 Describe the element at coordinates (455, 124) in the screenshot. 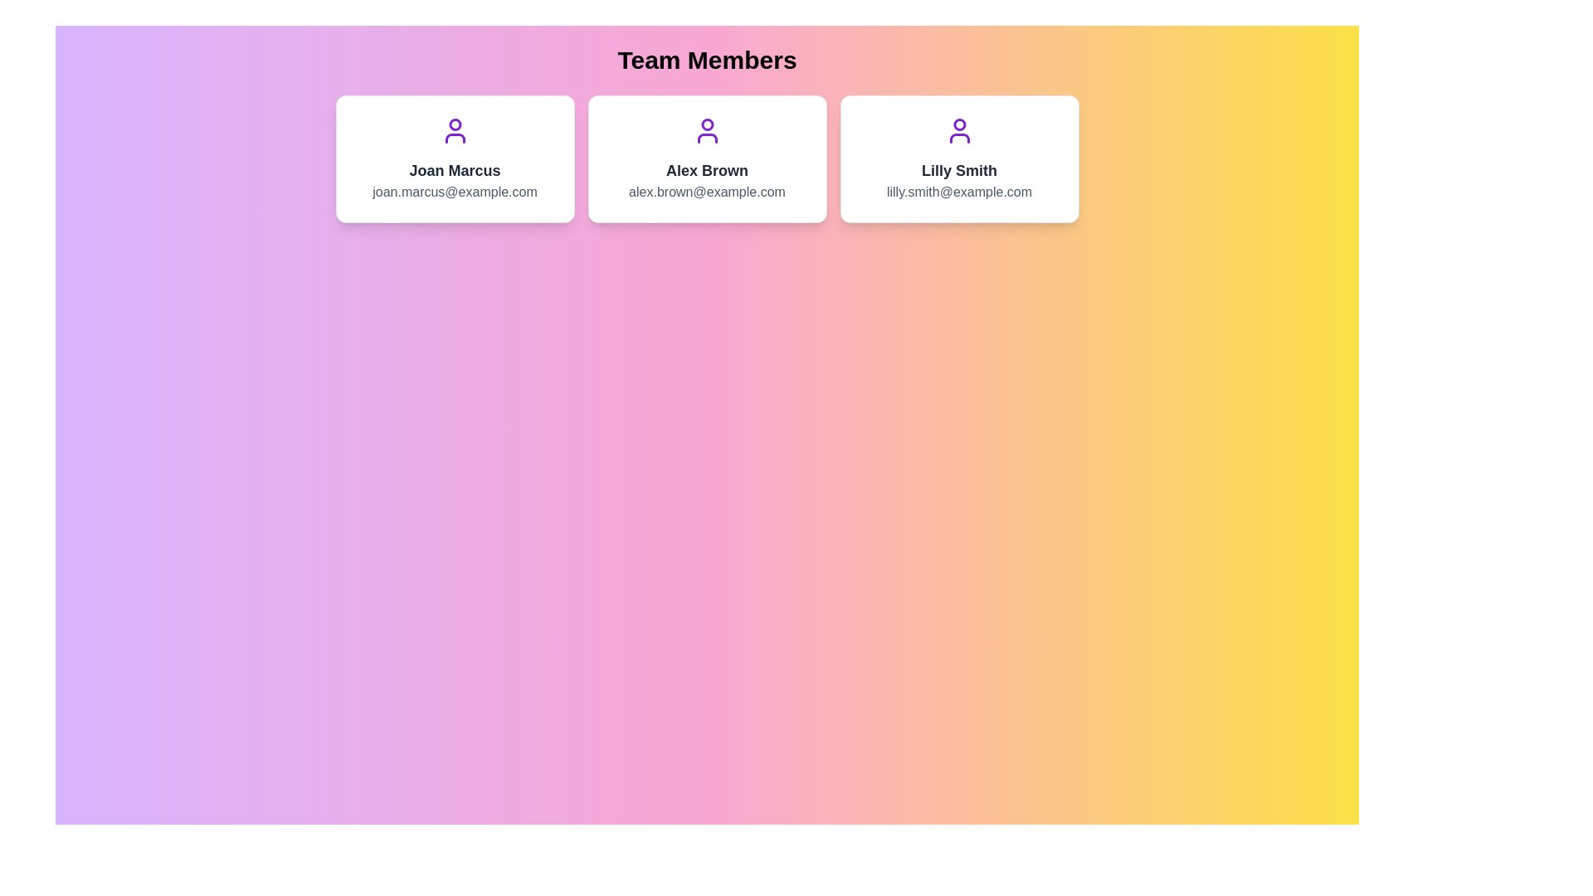

I see `the circular purple head icon of the person representing Joan Marcus in the first card under the 'Team Members' heading` at that location.